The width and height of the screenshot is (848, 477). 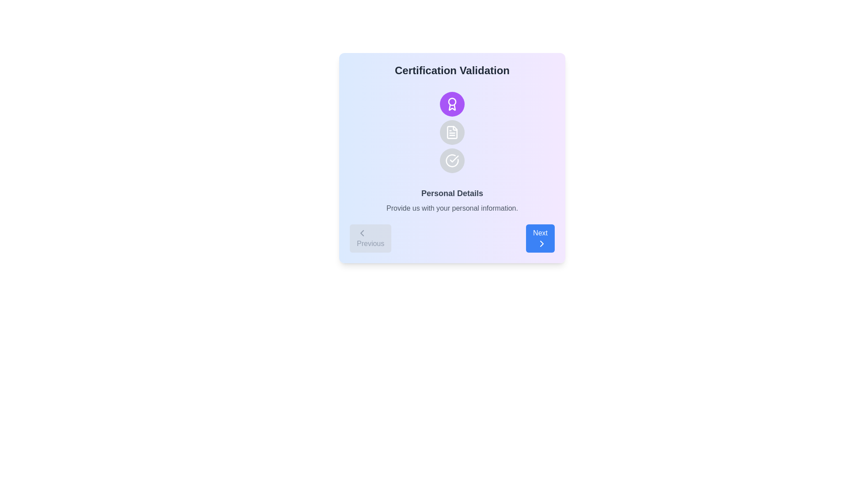 What do you see at coordinates (371, 238) in the screenshot?
I see `the previous step navigation button located at the bottom left of the interface to change its background color` at bounding box center [371, 238].